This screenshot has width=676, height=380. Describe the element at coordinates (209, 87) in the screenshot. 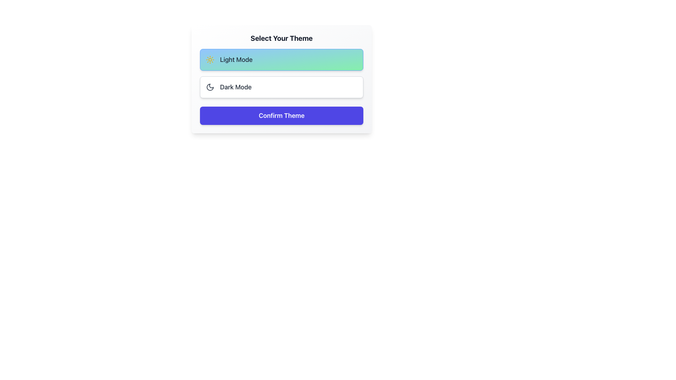

I see `circular dark icon resembling a crescent moon, which is the leftmost icon inside the 'Dark Mode' button group` at that location.